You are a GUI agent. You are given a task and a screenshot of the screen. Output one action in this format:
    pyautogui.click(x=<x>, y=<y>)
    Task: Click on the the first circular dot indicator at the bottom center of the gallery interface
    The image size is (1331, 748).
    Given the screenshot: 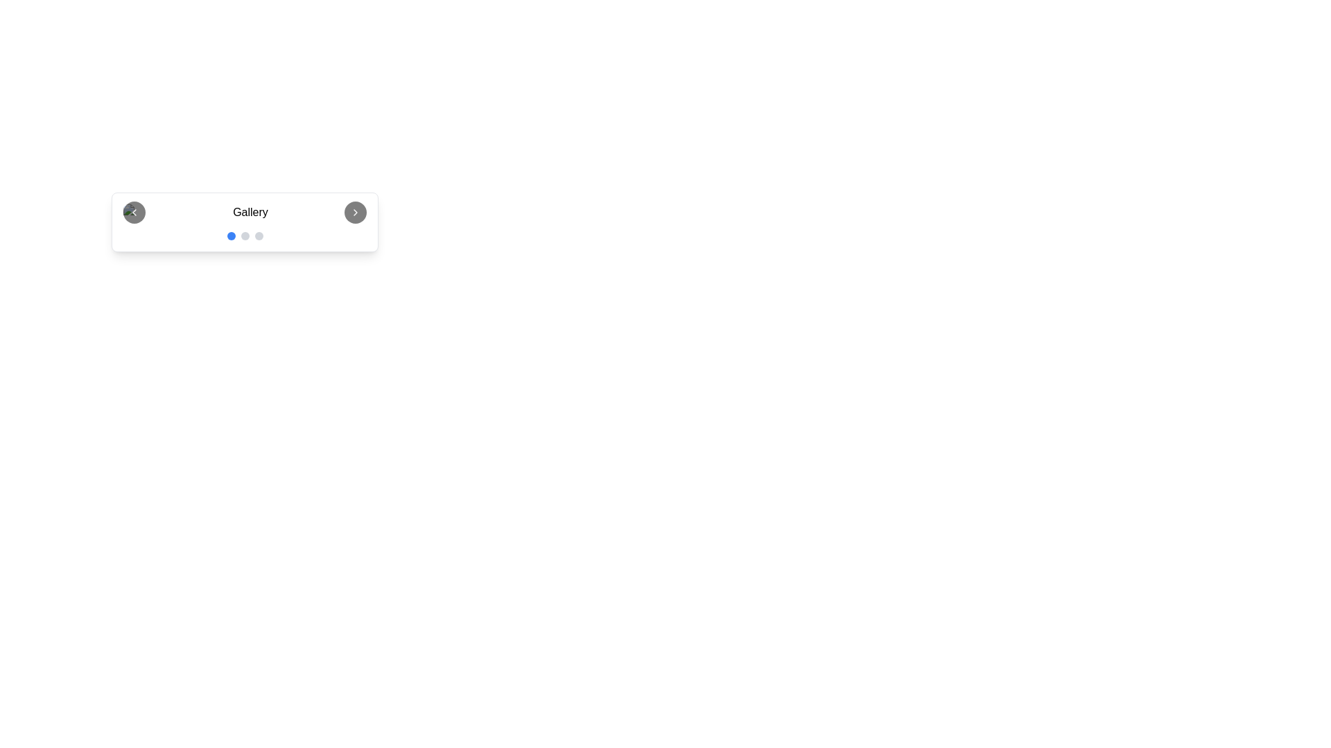 What is the action you would take?
    pyautogui.click(x=231, y=235)
    